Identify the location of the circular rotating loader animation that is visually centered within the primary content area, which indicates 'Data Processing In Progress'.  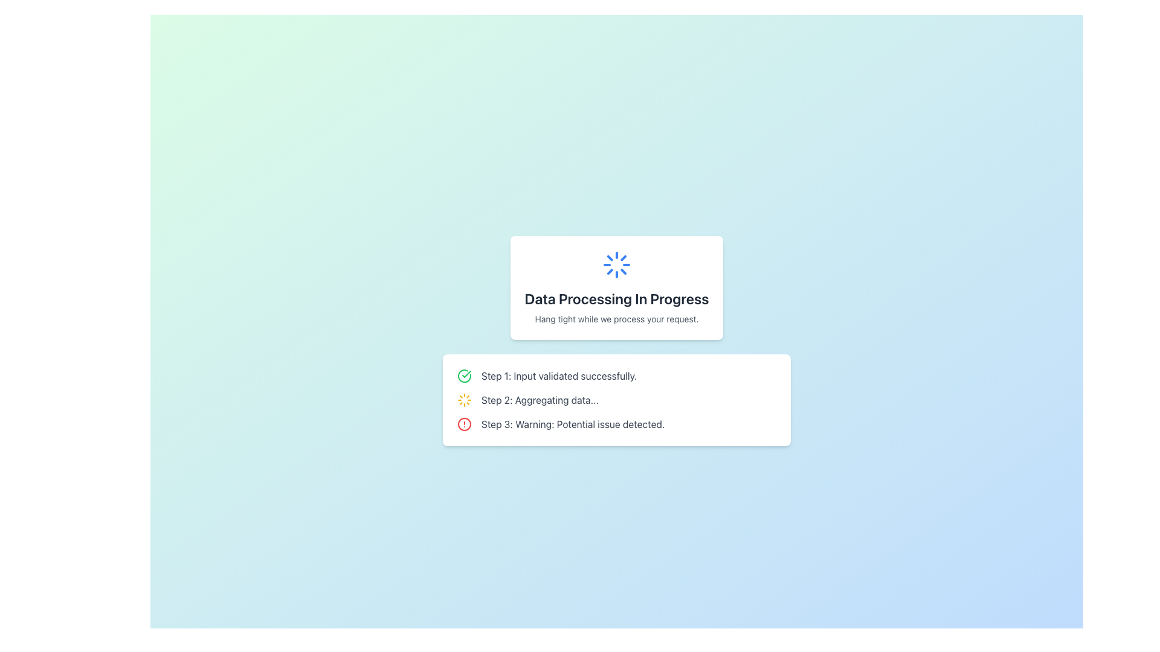
(617, 264).